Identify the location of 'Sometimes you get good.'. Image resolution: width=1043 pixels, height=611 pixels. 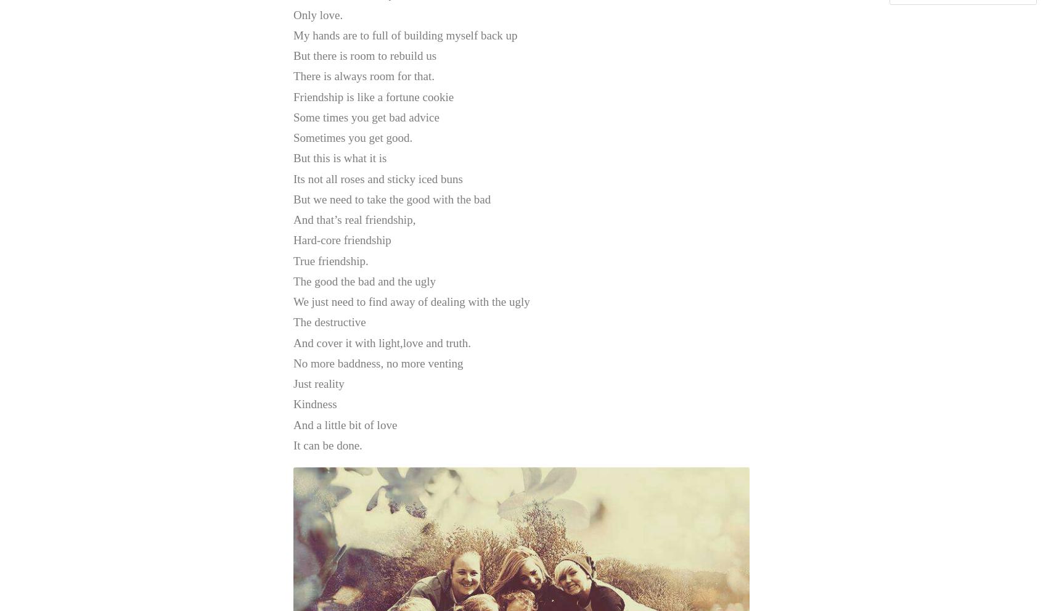
(352, 137).